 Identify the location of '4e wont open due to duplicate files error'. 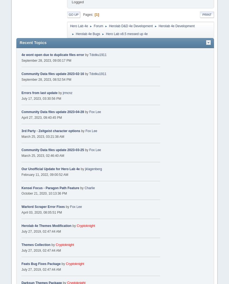
(52, 54).